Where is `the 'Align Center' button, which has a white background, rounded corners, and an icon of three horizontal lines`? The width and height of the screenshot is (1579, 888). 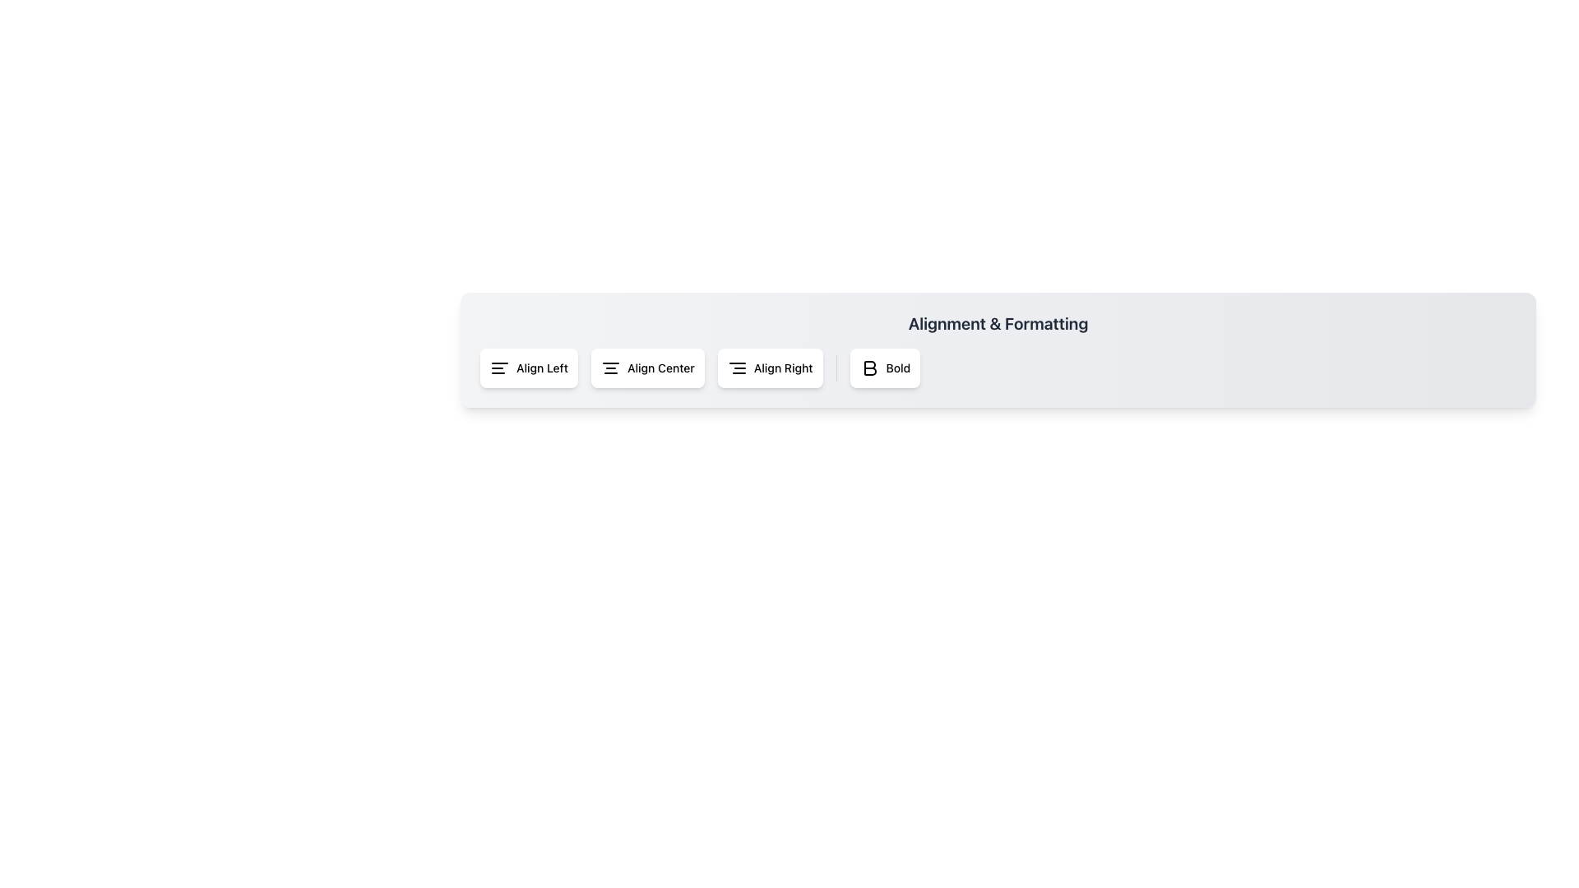
the 'Align Center' button, which has a white background, rounded corners, and an icon of three horizontal lines is located at coordinates (646, 367).